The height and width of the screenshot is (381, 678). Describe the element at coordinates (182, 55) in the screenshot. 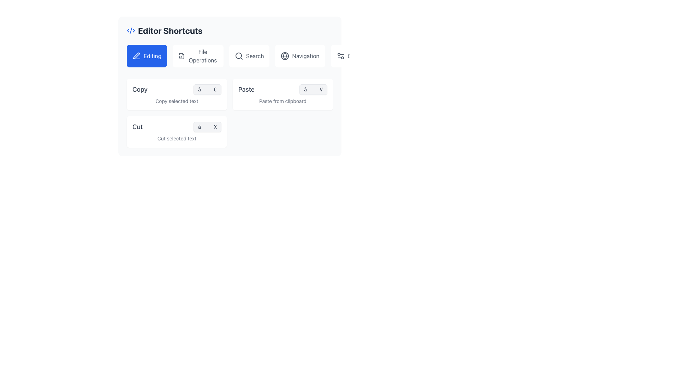

I see `the SVG Icon representing 'File Operations' as a static visual indicator` at that location.